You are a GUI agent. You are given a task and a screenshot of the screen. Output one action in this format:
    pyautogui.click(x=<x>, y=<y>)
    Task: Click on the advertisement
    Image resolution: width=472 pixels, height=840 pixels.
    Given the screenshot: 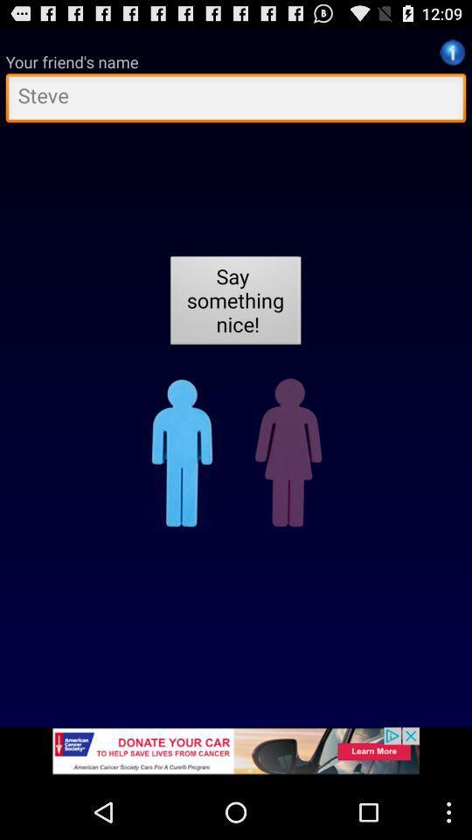 What is the action you would take?
    pyautogui.click(x=236, y=755)
    